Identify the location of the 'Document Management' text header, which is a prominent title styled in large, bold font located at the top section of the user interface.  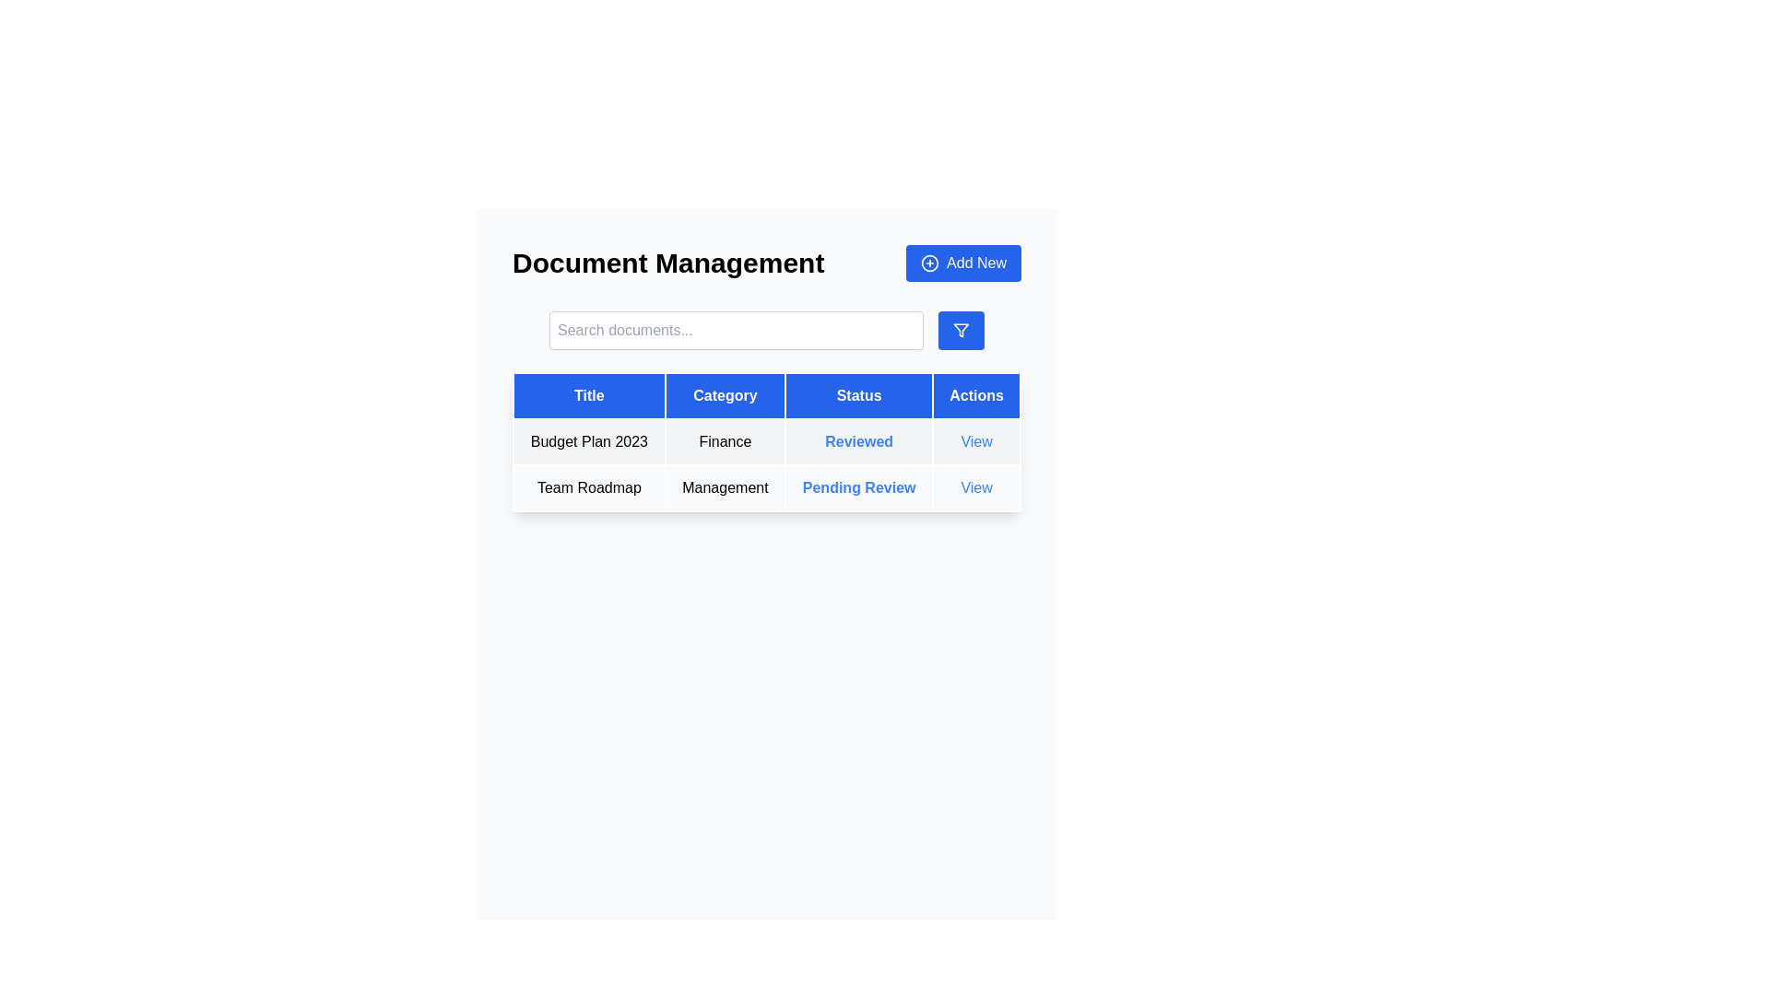
(667, 263).